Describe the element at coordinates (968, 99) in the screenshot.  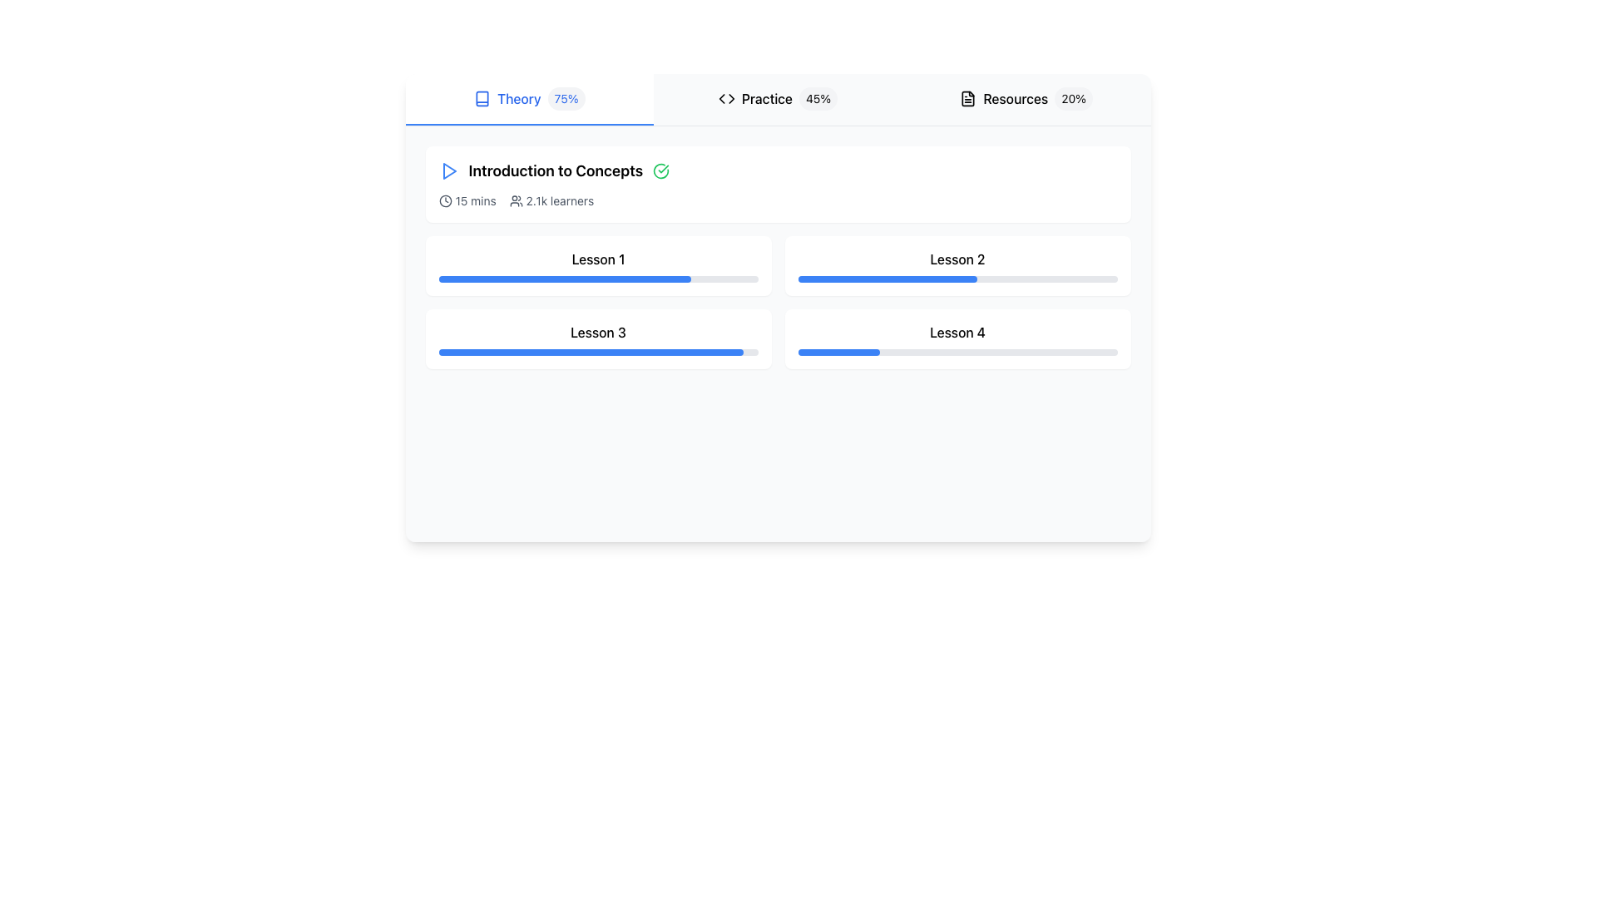
I see `the leftmost icon within the 'Resources' button in the navigation menu` at that location.